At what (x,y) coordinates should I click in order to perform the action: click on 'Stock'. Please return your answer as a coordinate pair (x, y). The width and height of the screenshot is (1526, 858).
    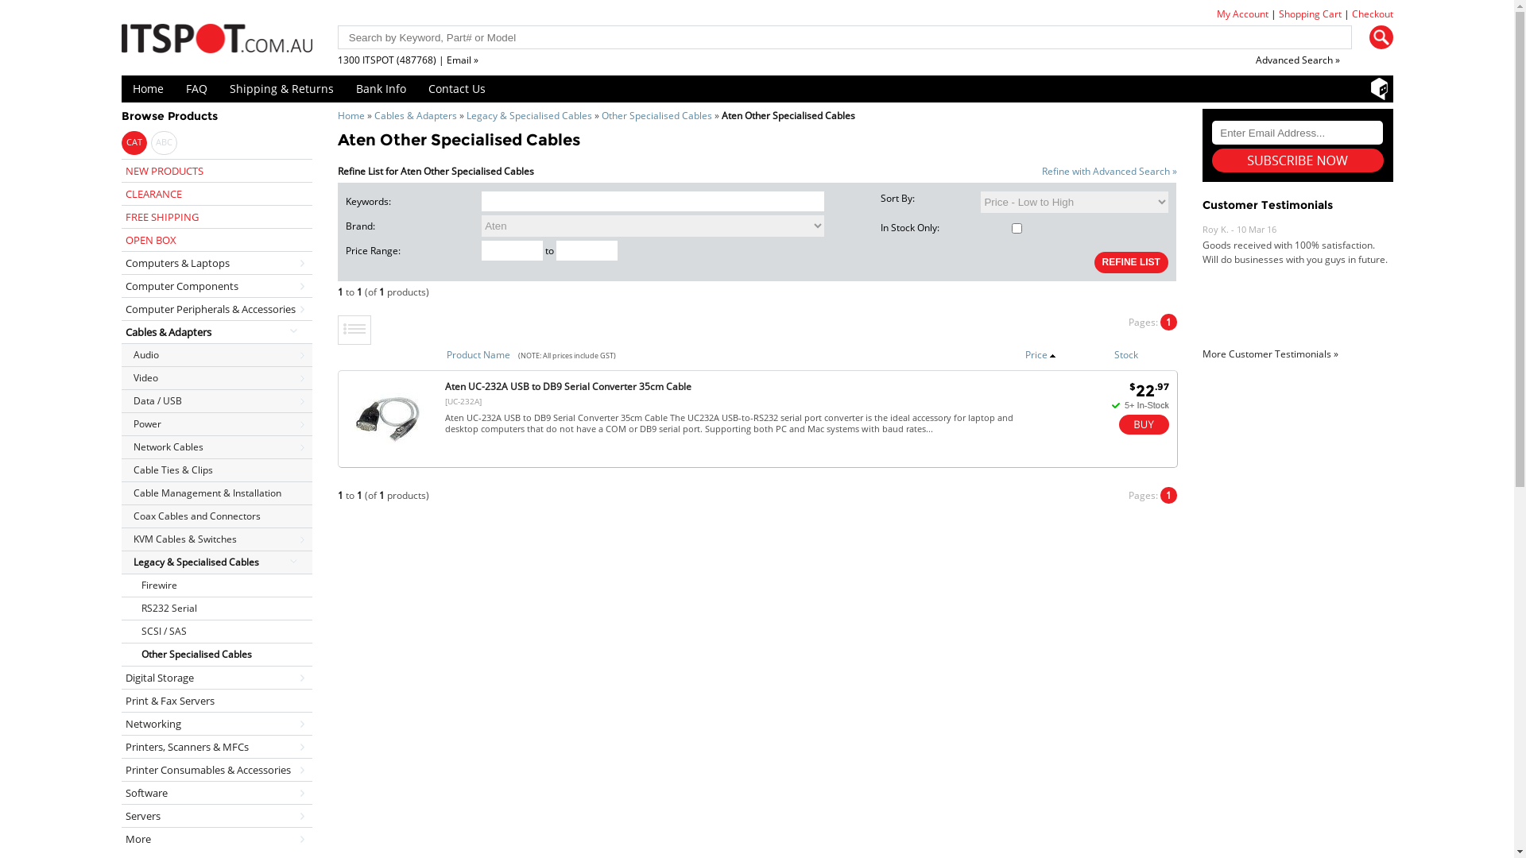
    Looking at the image, I should click on (1125, 354).